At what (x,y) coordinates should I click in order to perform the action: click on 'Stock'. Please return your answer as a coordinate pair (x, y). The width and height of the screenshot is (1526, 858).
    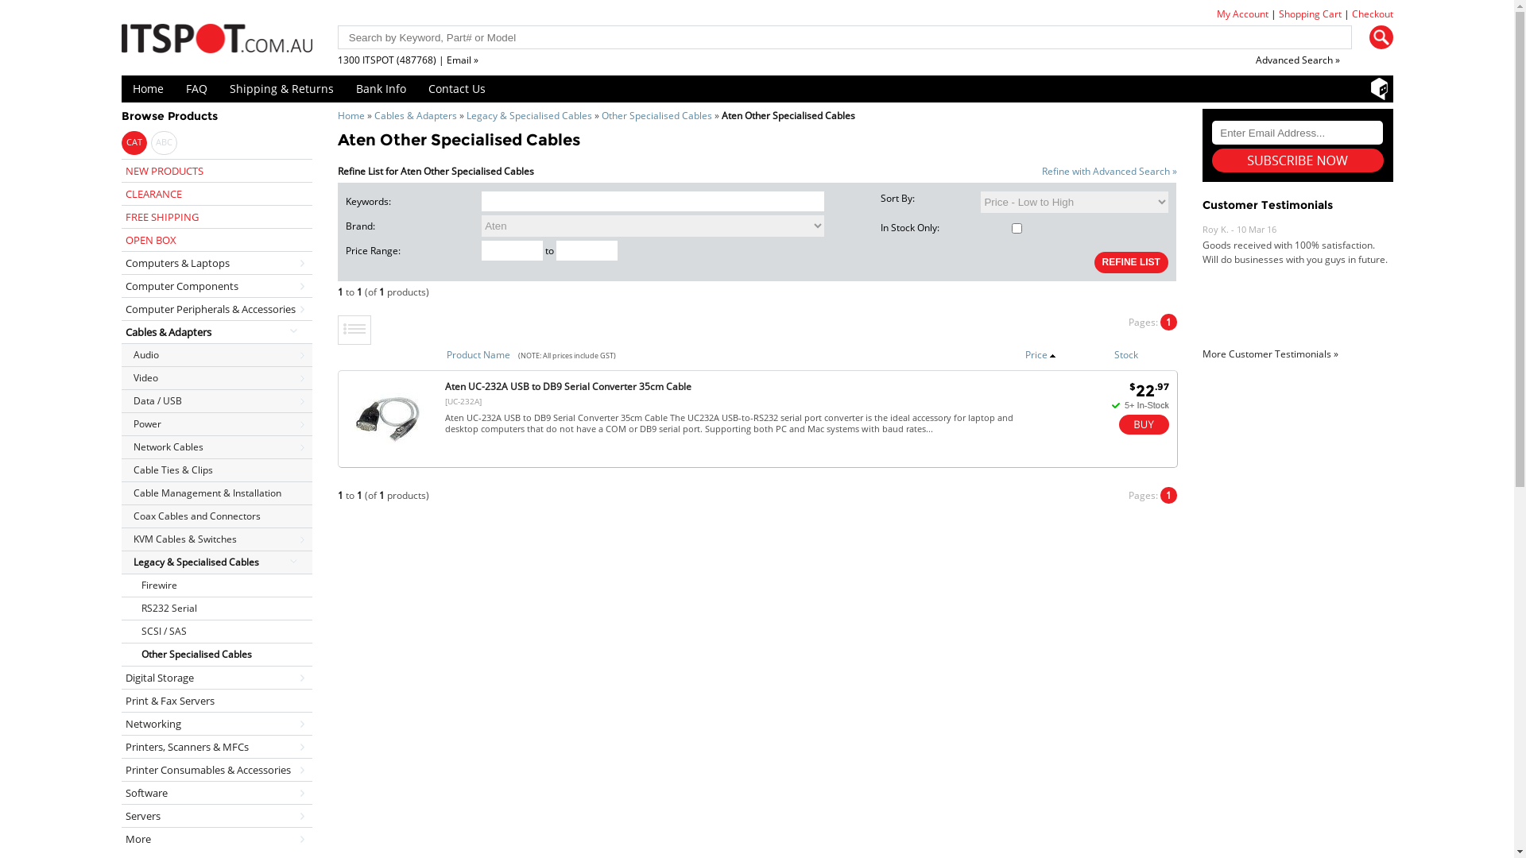
    Looking at the image, I should click on (1125, 354).